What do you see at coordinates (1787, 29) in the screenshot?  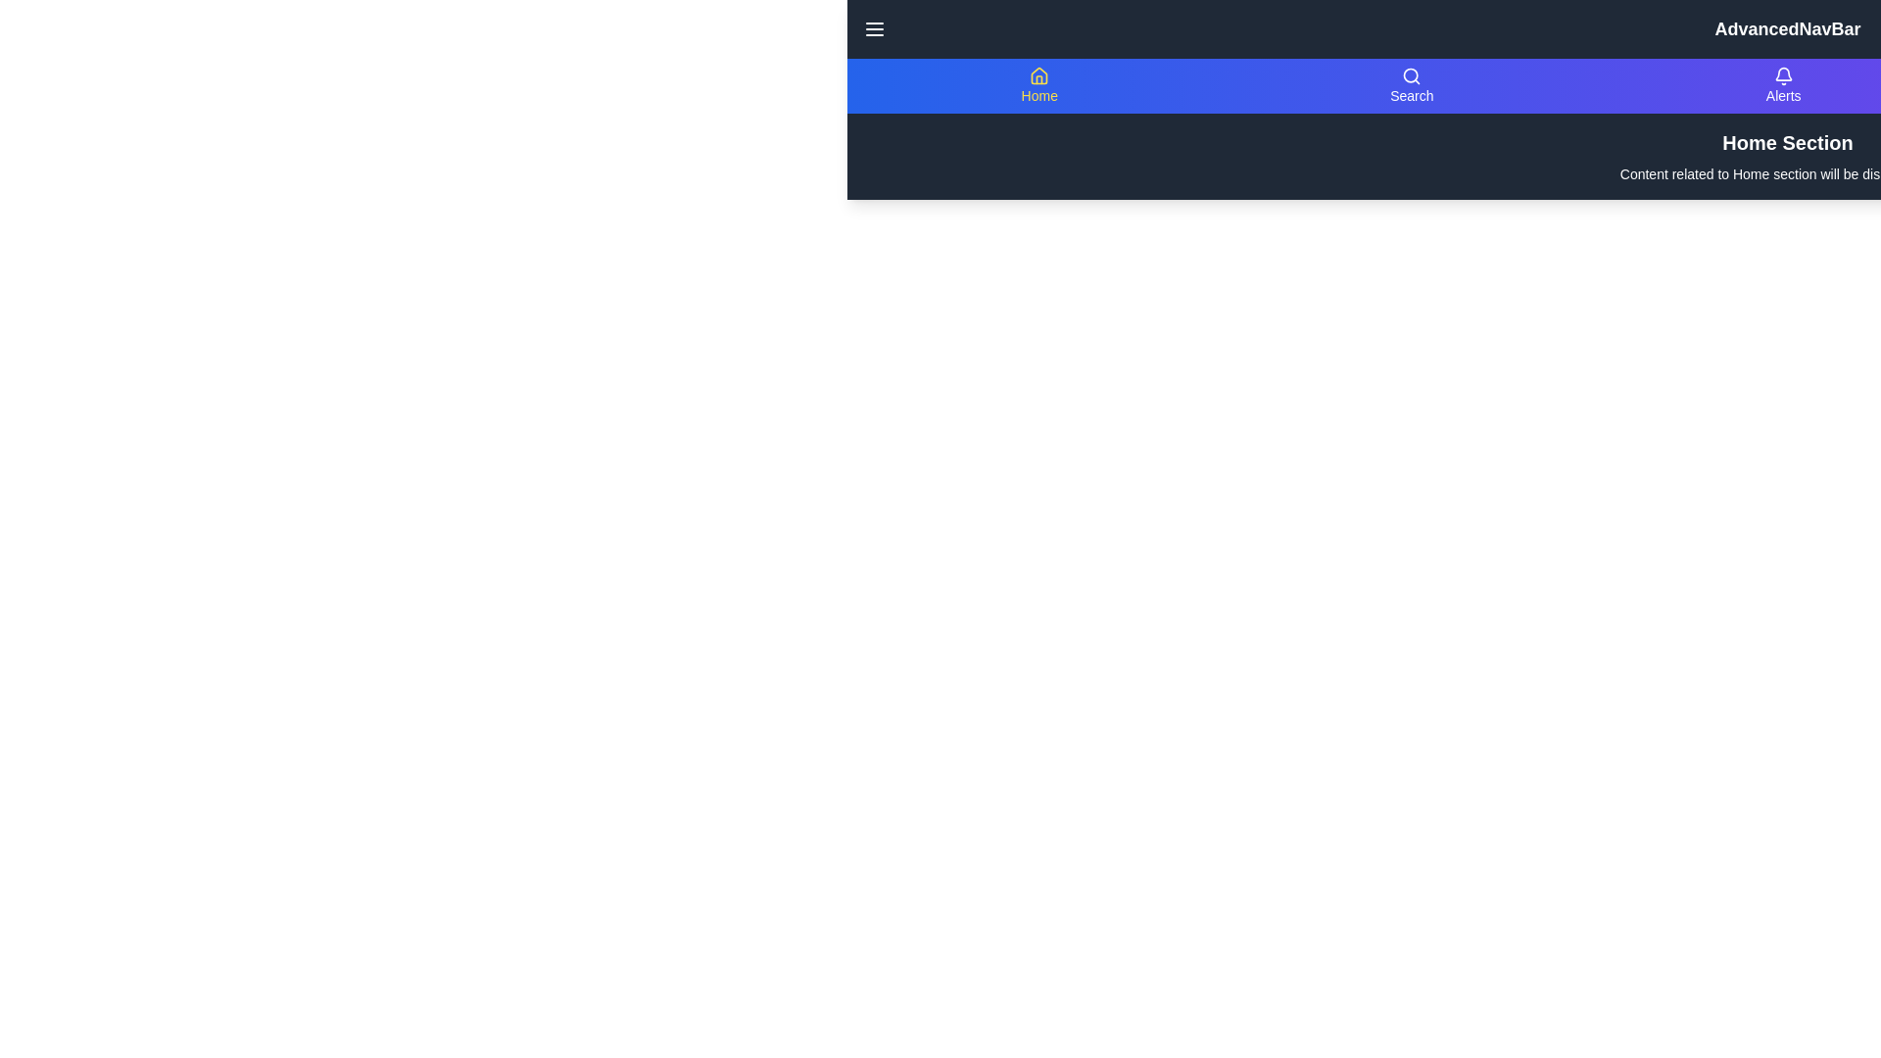 I see `the title text 'AdvancedNavBar'` at bounding box center [1787, 29].